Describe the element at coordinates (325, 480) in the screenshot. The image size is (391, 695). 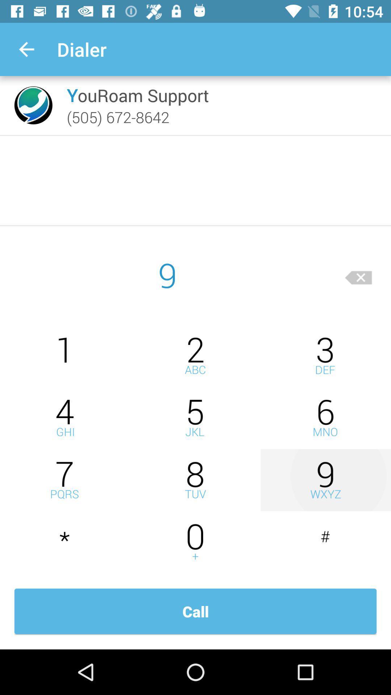
I see `number nine` at that location.